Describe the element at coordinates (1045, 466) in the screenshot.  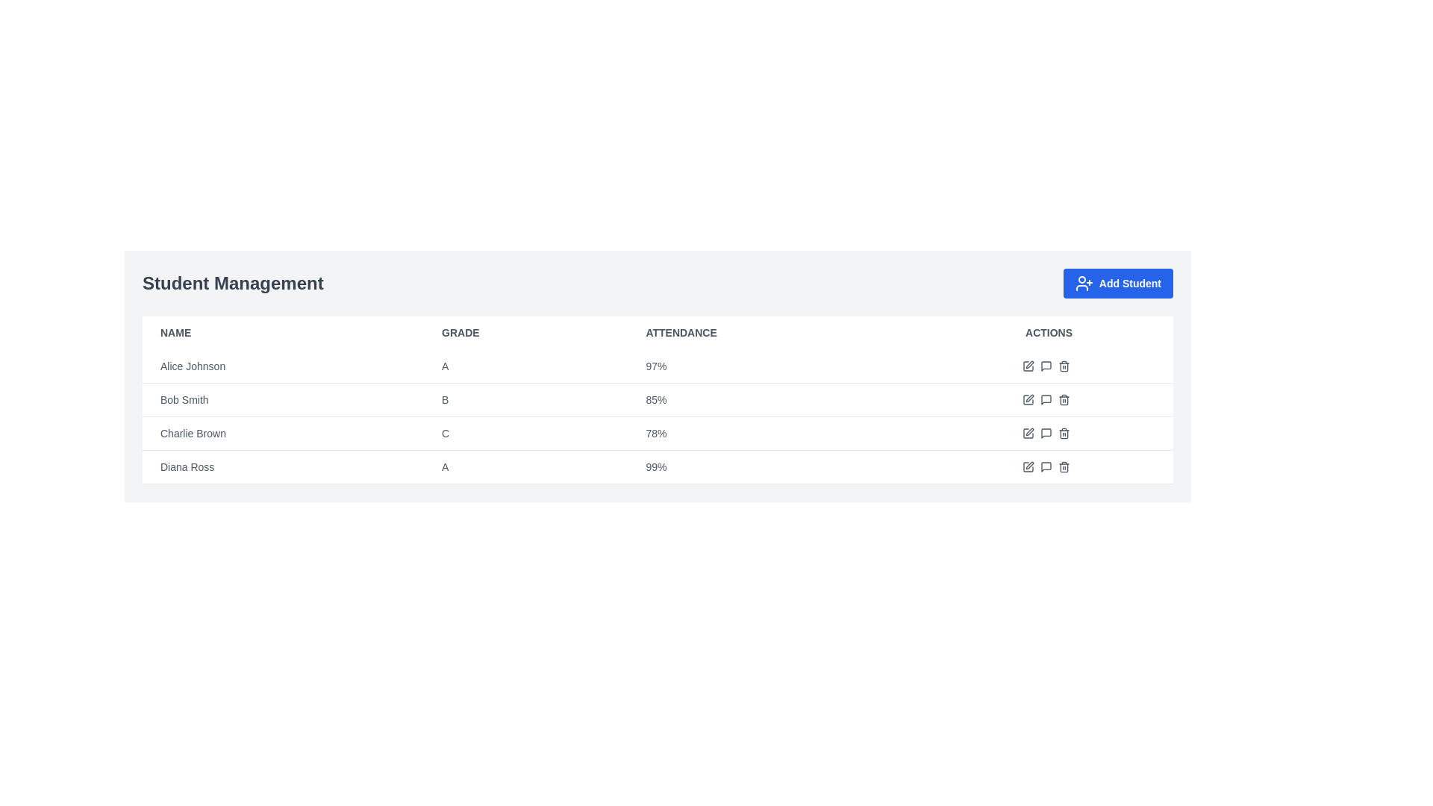
I see `the speech bubble icon in the last row of the table under the 'Actions' column` at that location.